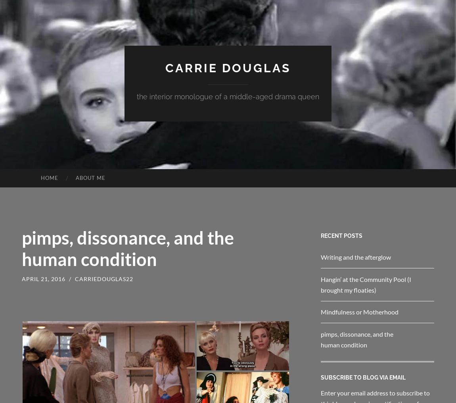  What do you see at coordinates (320, 284) in the screenshot?
I see `'Hangin’ at the Community Pool (I brought my floaties)'` at bounding box center [320, 284].